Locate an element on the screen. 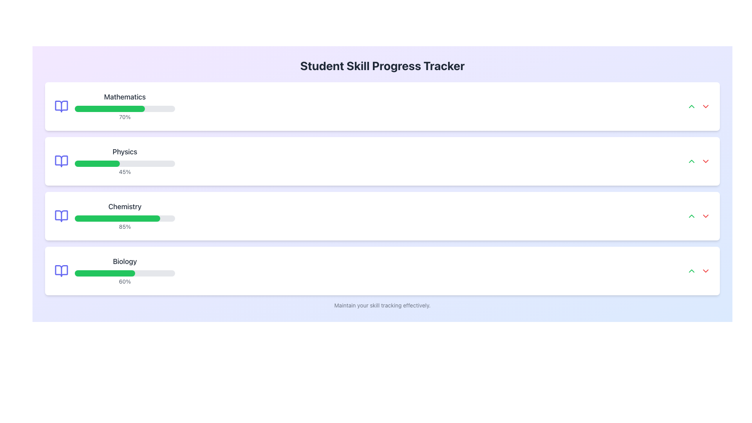 The width and height of the screenshot is (752, 423). the progress percentage of the 'Physics' skill, which is displayed in a compound component with a text label and a progress bar, located in the second row of skill progress indicators is located at coordinates (114, 161).